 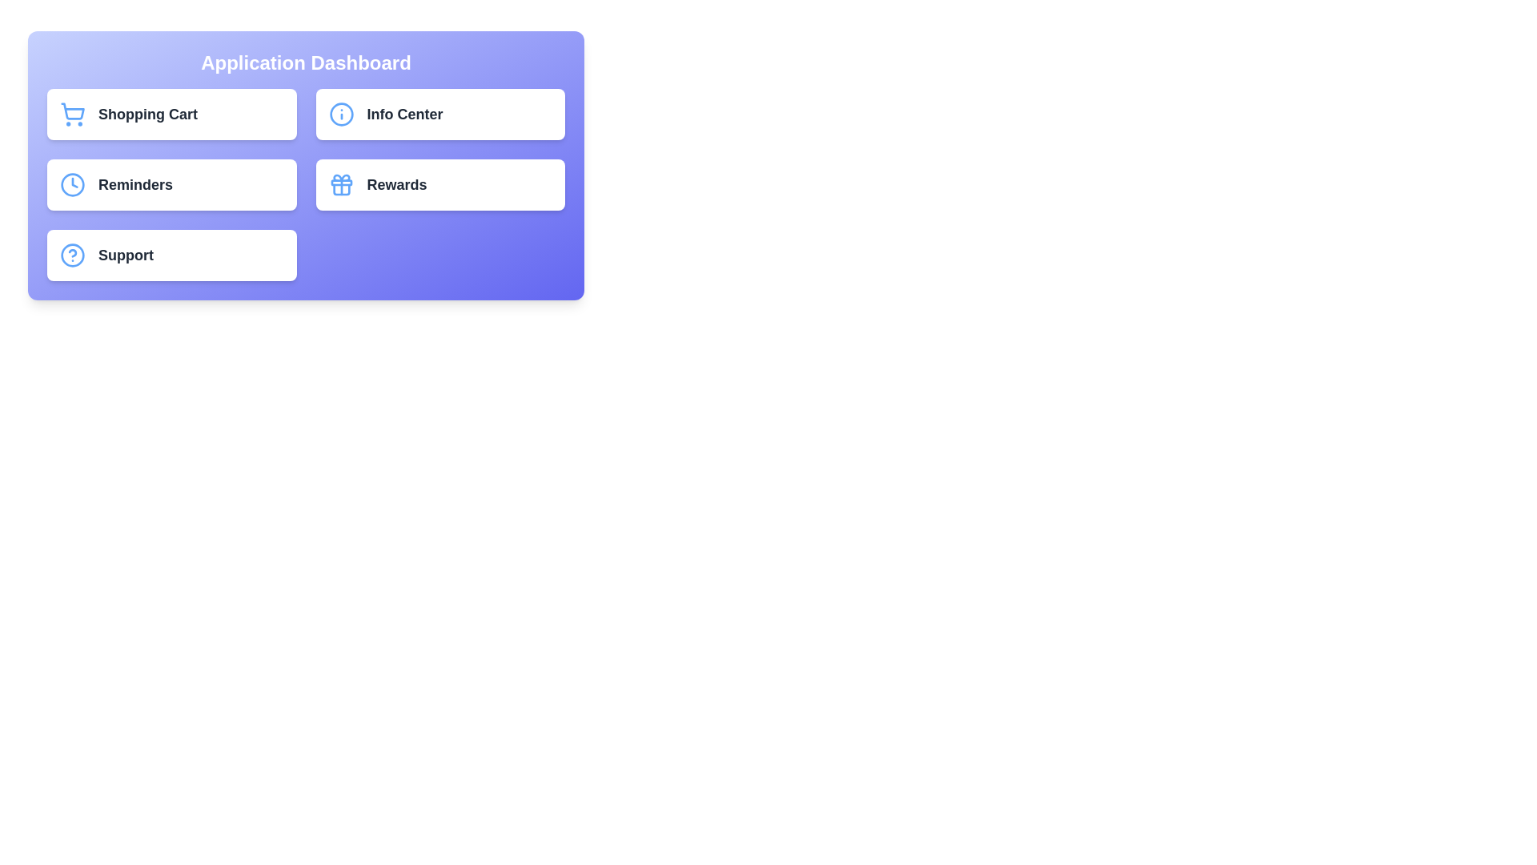 I want to click on the 'Info Center' text label, which is displayed in a large, bold font on the right side of the dashboard, within the second card from the top in the right column, so click(x=404, y=113).